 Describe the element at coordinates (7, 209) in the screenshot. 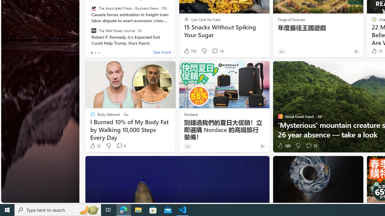

I see `'Start'` at that location.